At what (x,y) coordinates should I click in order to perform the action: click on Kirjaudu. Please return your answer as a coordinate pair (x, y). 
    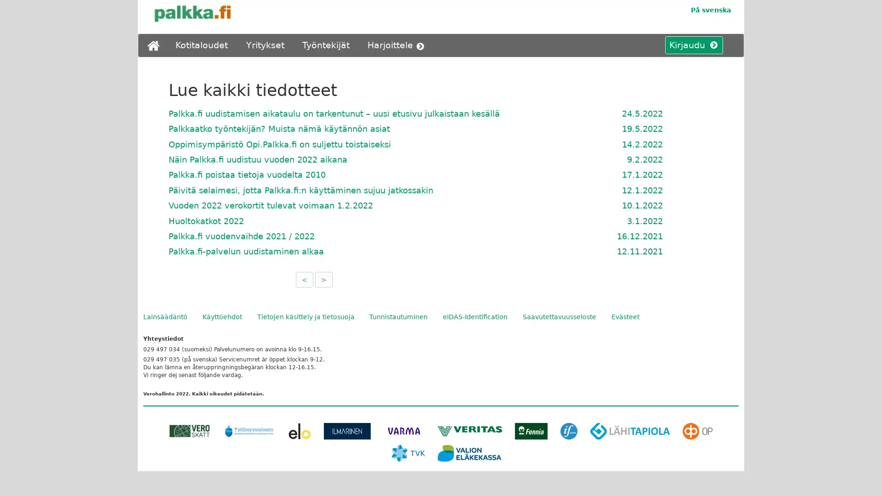
    Looking at the image, I should click on (690, 45).